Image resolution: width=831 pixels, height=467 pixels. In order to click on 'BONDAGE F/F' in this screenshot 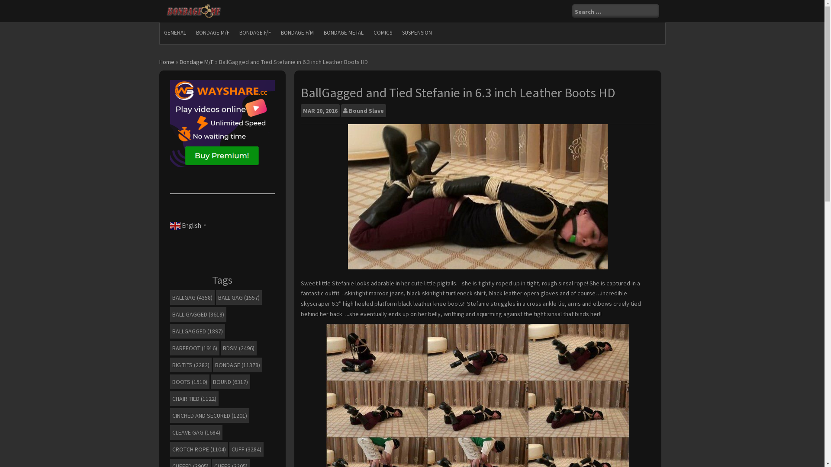, I will do `click(235, 32)`.